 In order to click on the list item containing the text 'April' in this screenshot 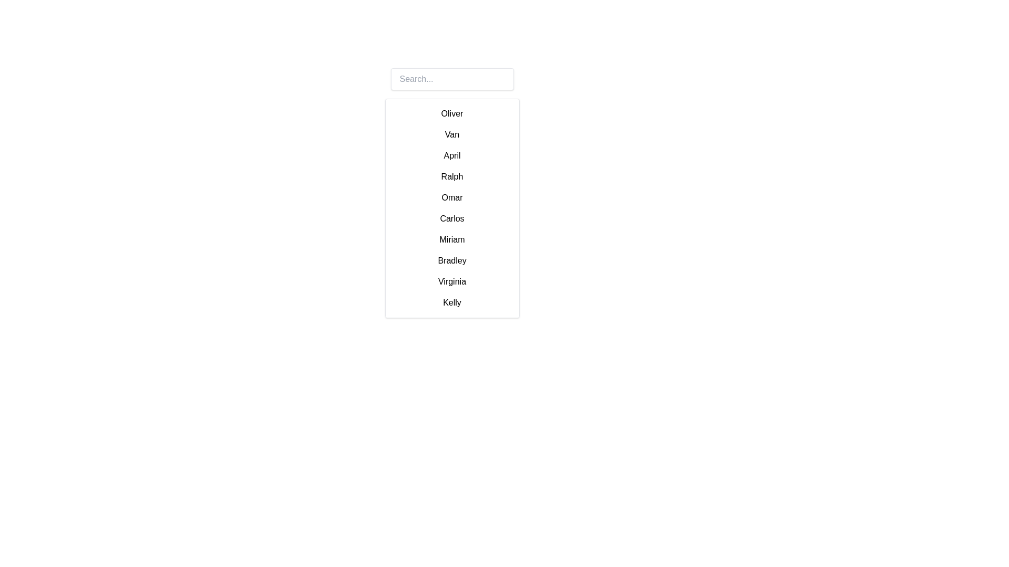, I will do `click(452, 156)`.